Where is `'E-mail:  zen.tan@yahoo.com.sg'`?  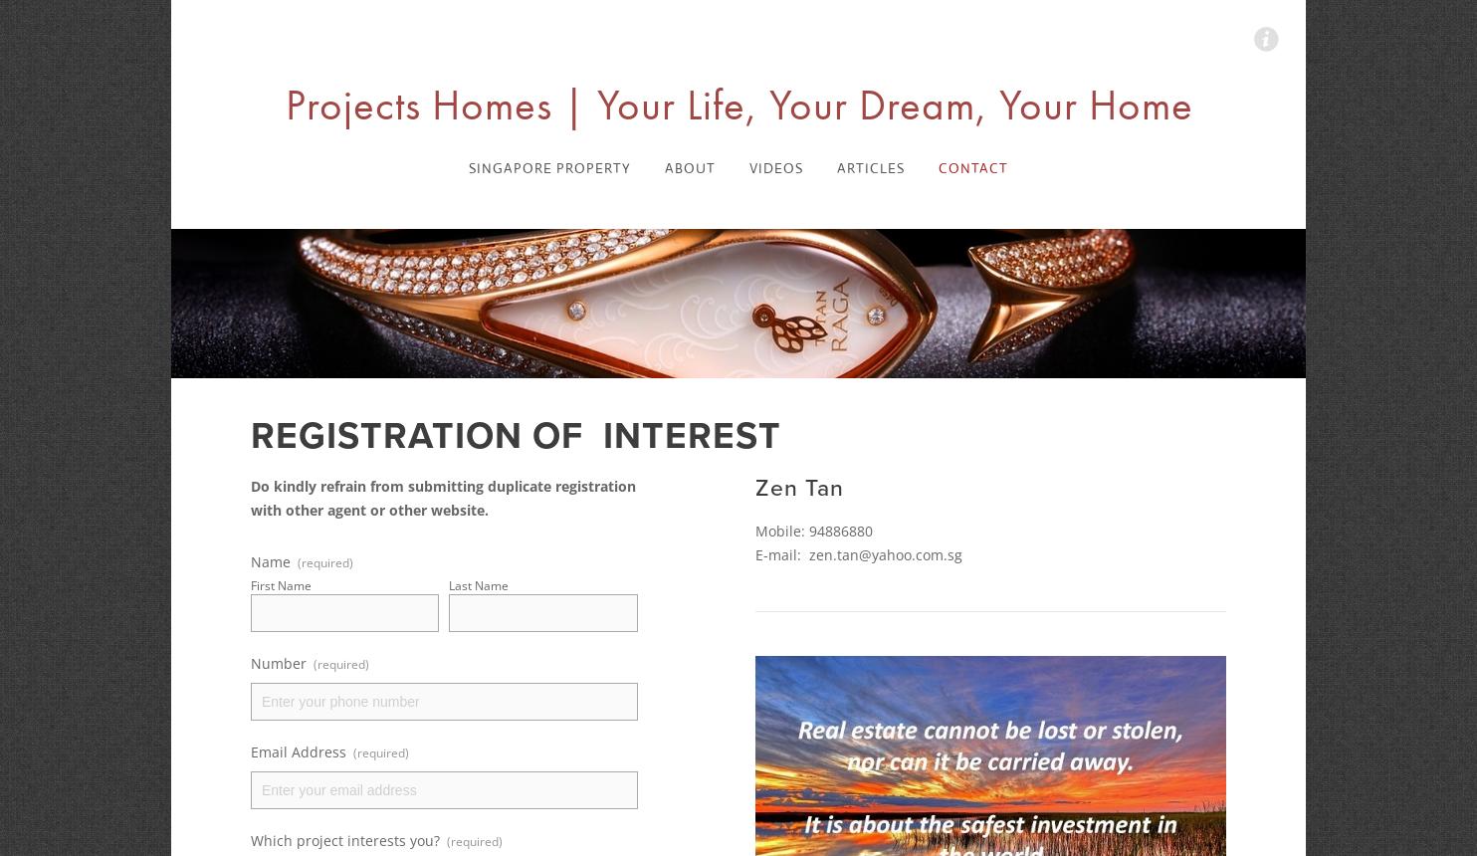
'E-mail:  zen.tan@yahoo.com.sg' is located at coordinates (858, 554).